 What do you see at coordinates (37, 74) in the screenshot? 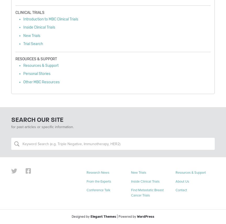
I see `'Personal Stories'` at bounding box center [37, 74].